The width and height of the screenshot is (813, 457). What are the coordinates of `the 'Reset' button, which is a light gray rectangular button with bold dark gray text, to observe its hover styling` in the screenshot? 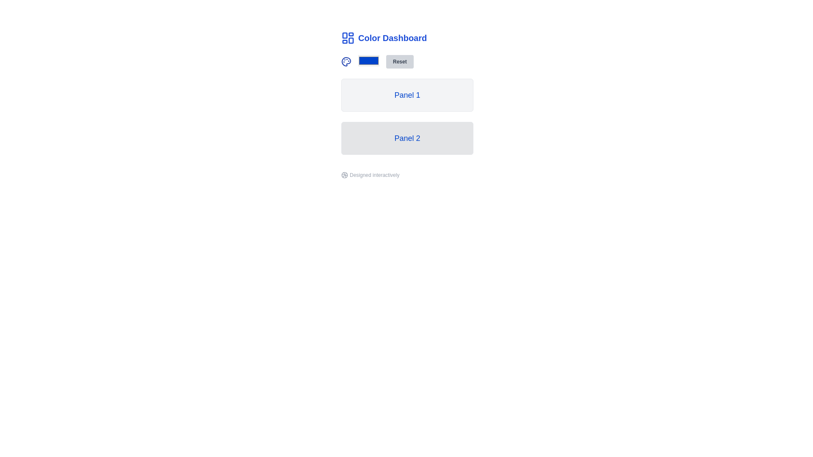 It's located at (399, 61).